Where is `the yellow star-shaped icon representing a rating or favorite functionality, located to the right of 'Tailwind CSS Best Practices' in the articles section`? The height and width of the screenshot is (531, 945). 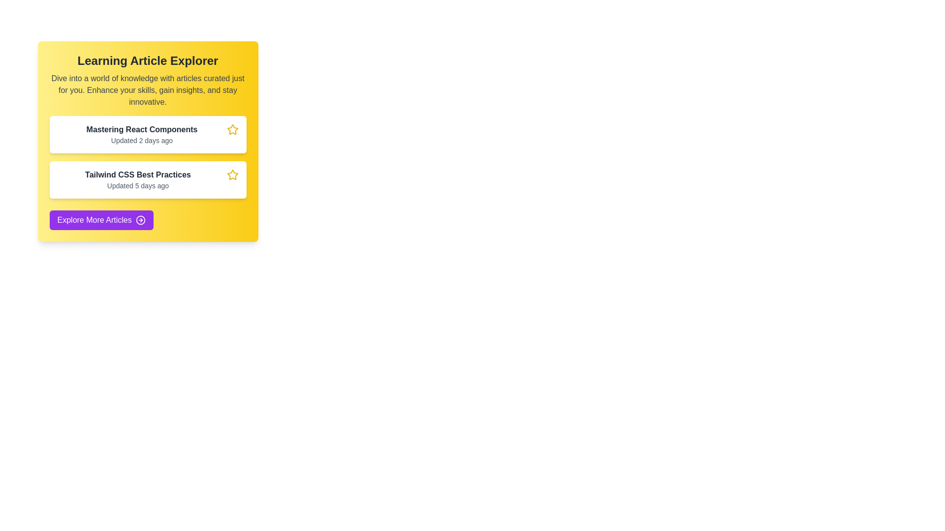
the yellow star-shaped icon representing a rating or favorite functionality, located to the right of 'Tailwind CSS Best Practices' in the articles section is located at coordinates (232, 129).